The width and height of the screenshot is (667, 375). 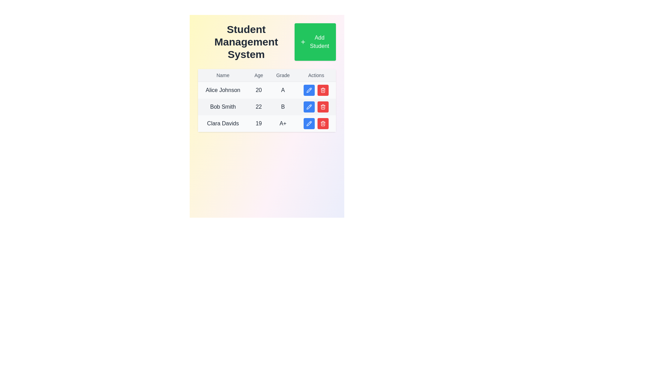 What do you see at coordinates (309, 123) in the screenshot?
I see `the pencil icon button in the 'Actions' column of the last row for 'Clara Davids' to begin editing the corresponding row's data` at bounding box center [309, 123].